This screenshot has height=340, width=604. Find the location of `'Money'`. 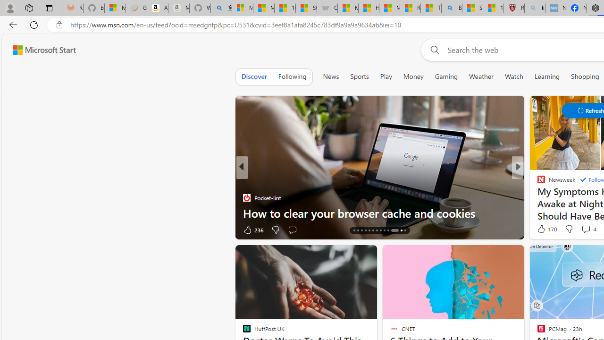

'Money' is located at coordinates (413, 76).